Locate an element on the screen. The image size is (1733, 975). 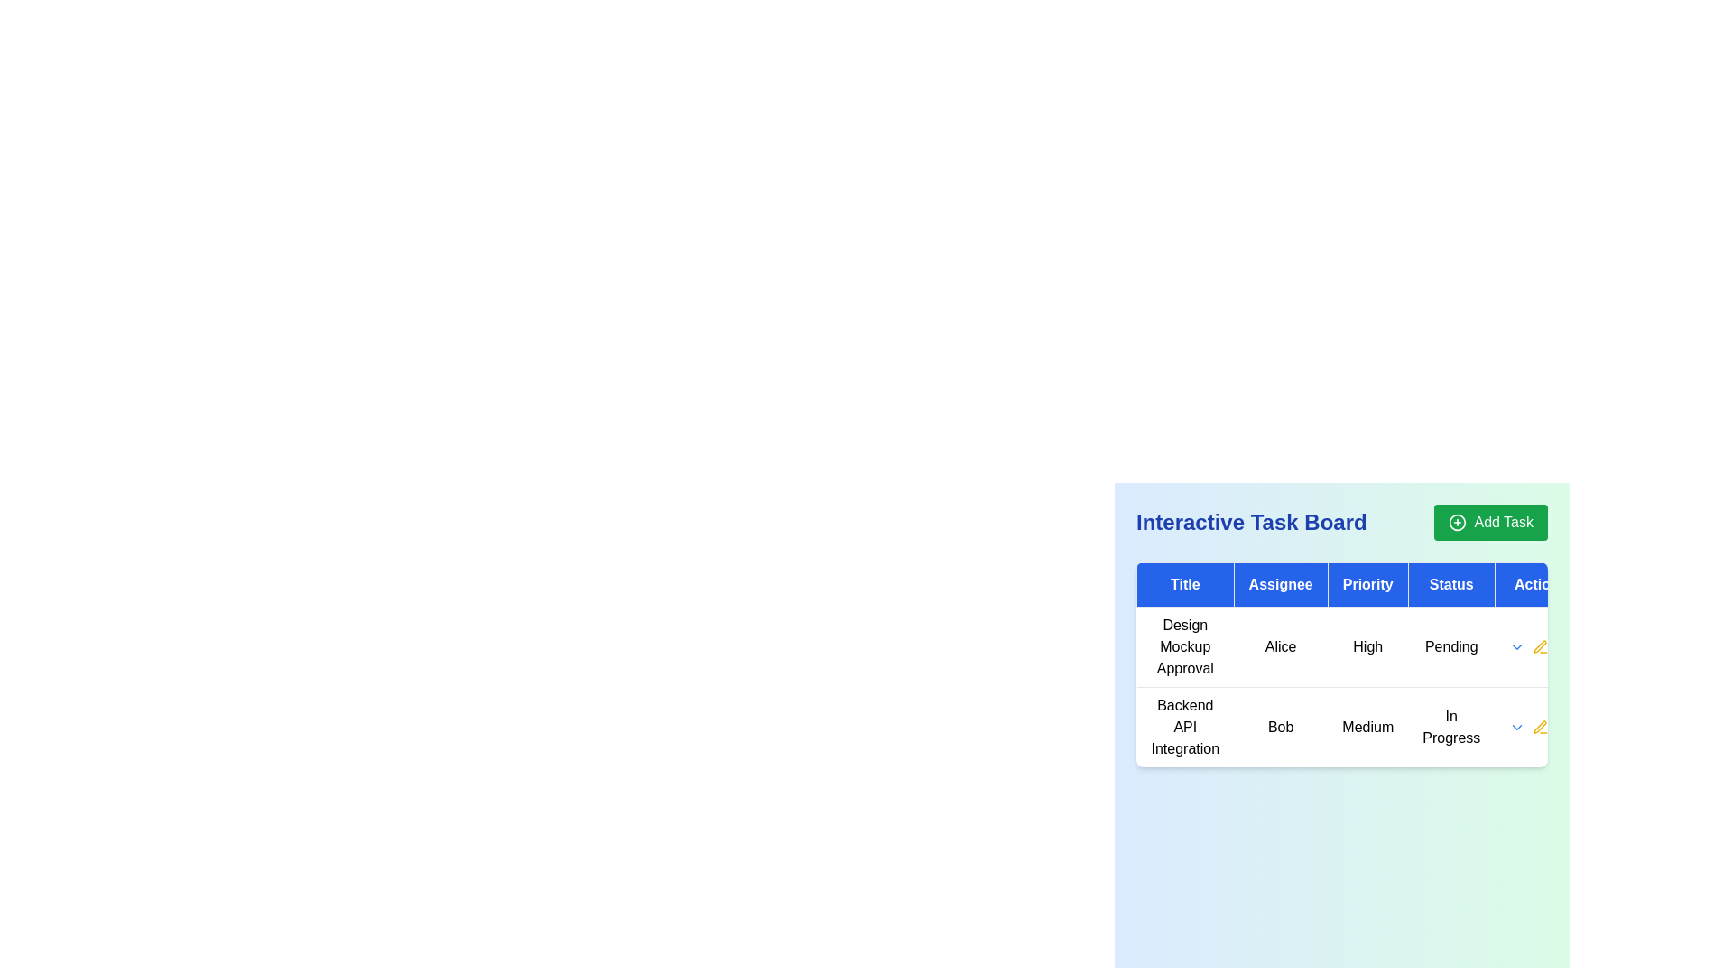
the icon in the 'Actions' column corresponding to the 'Design Mockup Approval' task is located at coordinates (1540, 646).